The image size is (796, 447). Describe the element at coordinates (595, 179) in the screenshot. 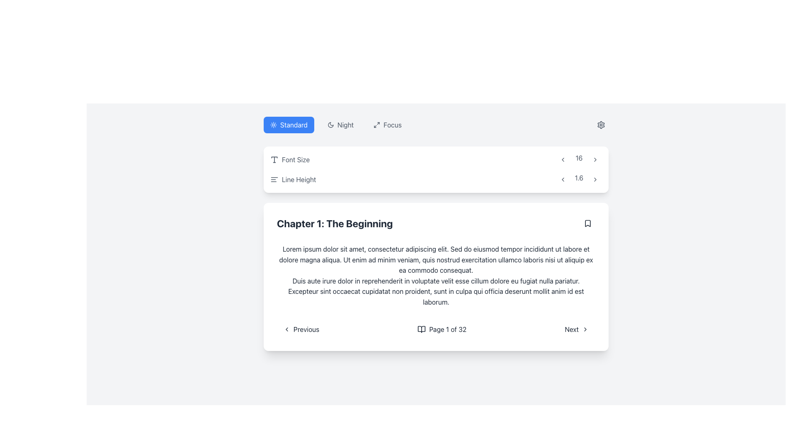

I see `the right-arrow icon button located in the top right section of the panel, adjacent to the '1.6' label, to adjust the setting incrementally` at that location.